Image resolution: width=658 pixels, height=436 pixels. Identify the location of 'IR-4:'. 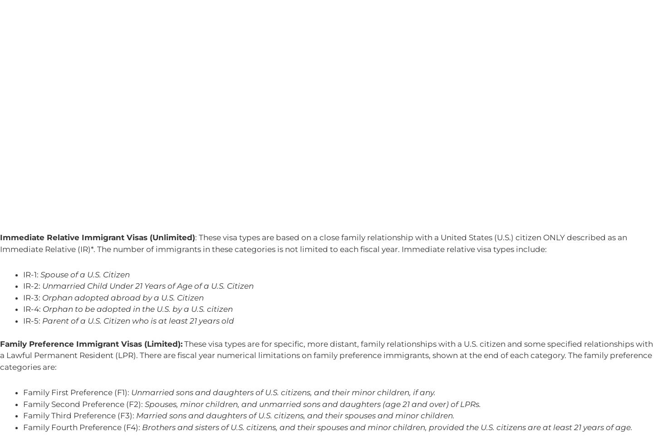
(32, 308).